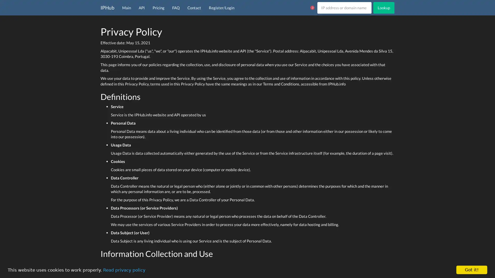 Image resolution: width=495 pixels, height=278 pixels. What do you see at coordinates (384, 7) in the screenshot?
I see `Lookup` at bounding box center [384, 7].